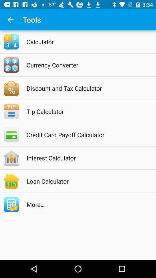  I want to click on the credit card payoff, so click(85, 135).